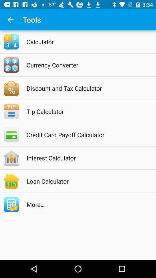  I want to click on the credit card payoff, so click(85, 135).